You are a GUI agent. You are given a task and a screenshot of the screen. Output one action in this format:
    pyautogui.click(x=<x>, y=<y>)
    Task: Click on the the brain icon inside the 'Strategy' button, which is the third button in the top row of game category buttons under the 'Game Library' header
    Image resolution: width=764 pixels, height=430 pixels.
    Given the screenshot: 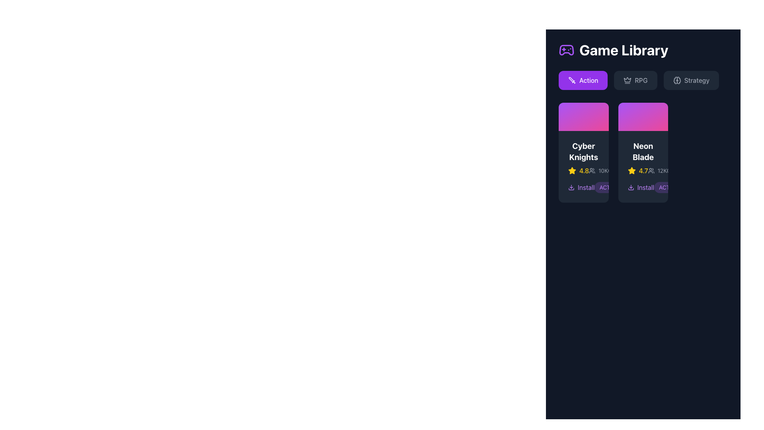 What is the action you would take?
    pyautogui.click(x=676, y=80)
    